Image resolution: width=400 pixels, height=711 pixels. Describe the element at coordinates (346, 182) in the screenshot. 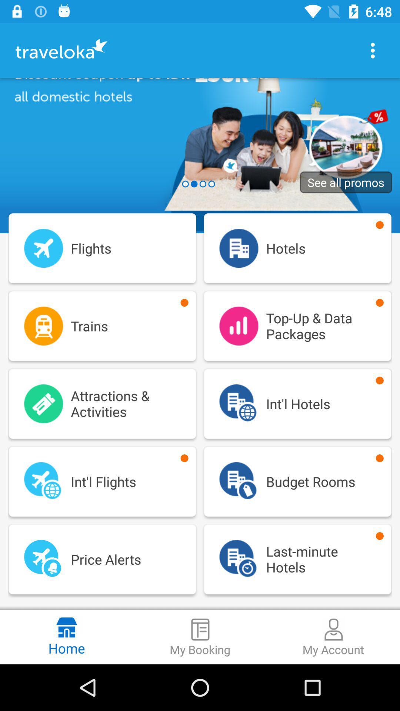

I see `see all promos icon` at that location.